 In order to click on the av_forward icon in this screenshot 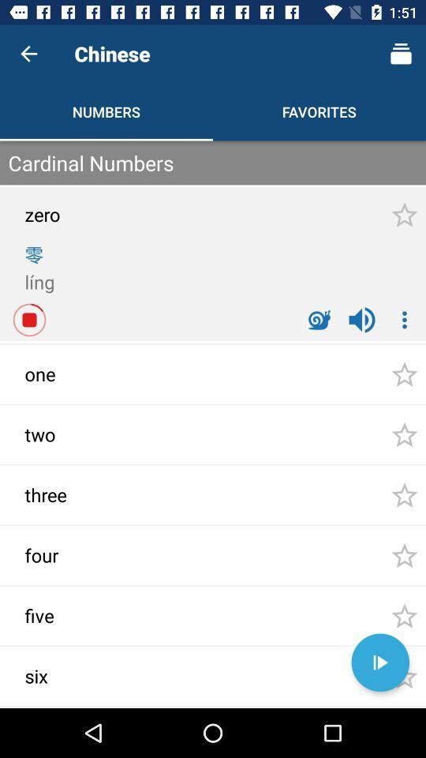, I will do `click(379, 662)`.